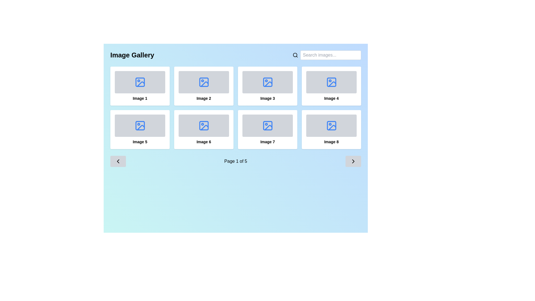 This screenshot has height=301, width=535. Describe the element at coordinates (331, 82) in the screenshot. I see `the main icon representing Image 4 located in the top-right quadrant of the grid layout` at that location.